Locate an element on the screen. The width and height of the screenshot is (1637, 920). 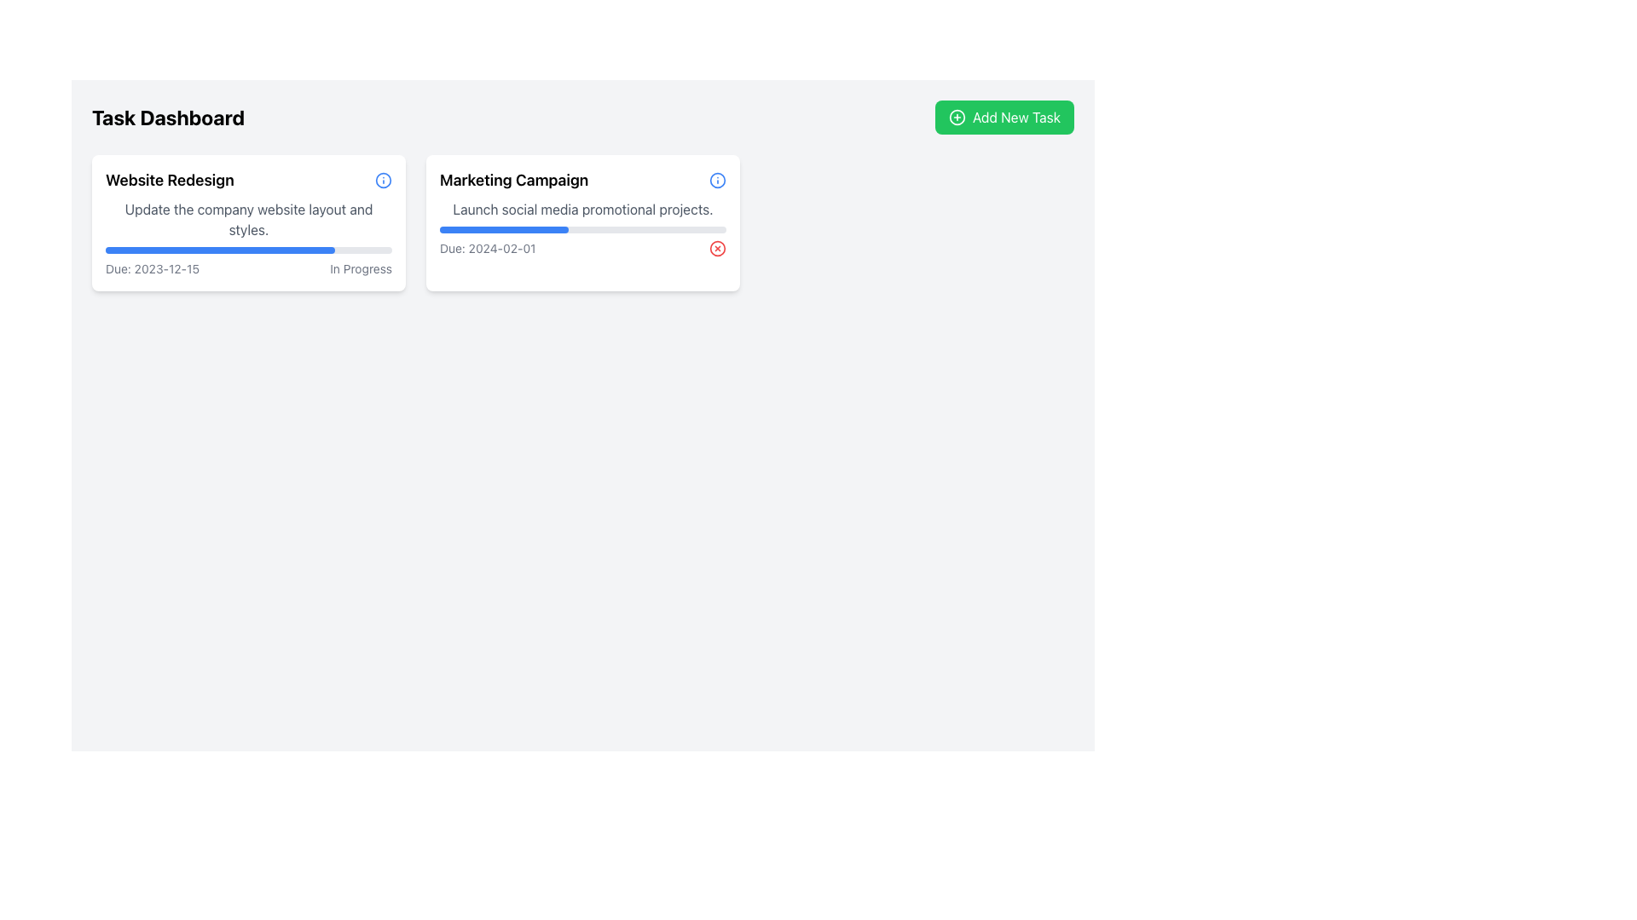
the rectangular green button labeled 'Add New Task' with a plus icon, located in the top-right corner of the 'Task Dashboard' interface is located at coordinates (1004, 117).